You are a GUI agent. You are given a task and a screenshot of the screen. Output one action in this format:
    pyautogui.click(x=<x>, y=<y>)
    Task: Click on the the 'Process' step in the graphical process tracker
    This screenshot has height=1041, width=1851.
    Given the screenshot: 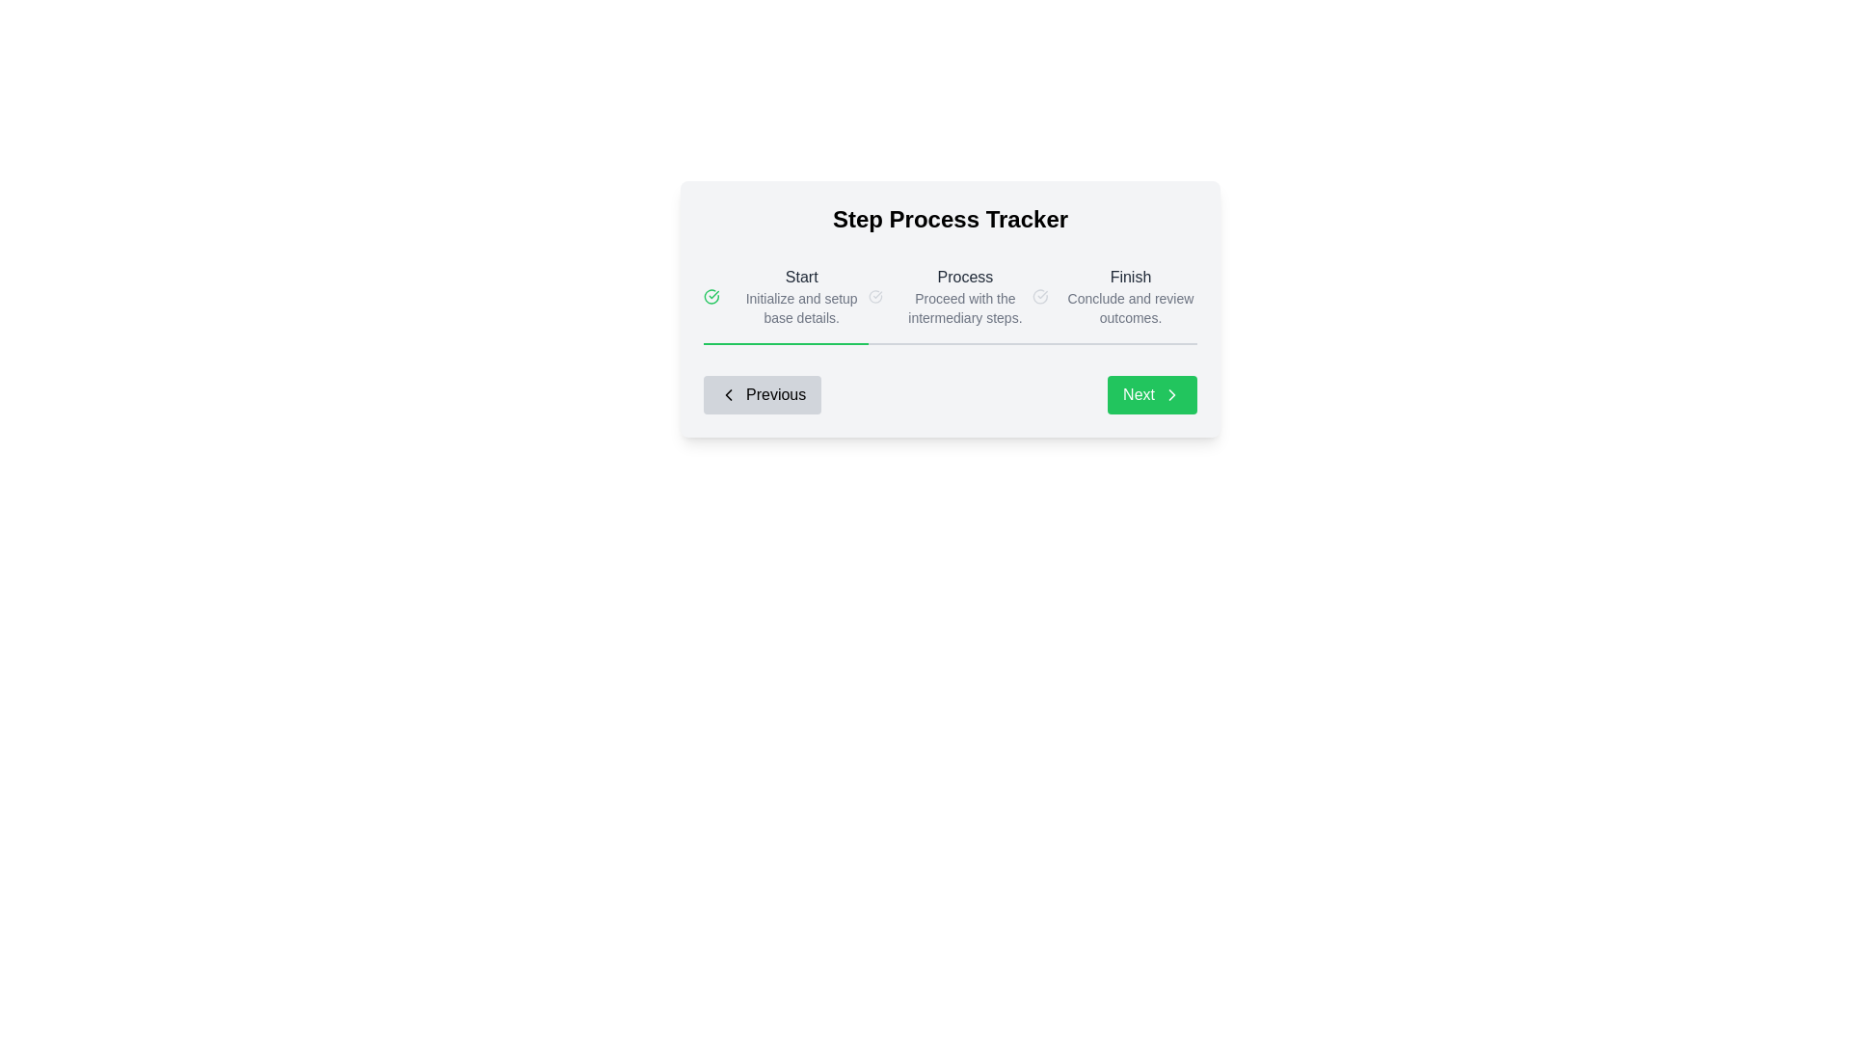 What is the action you would take?
    pyautogui.click(x=950, y=307)
    